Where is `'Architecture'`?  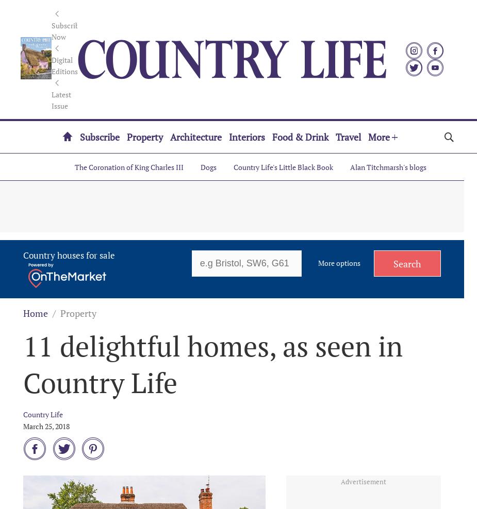 'Architecture' is located at coordinates (195, 136).